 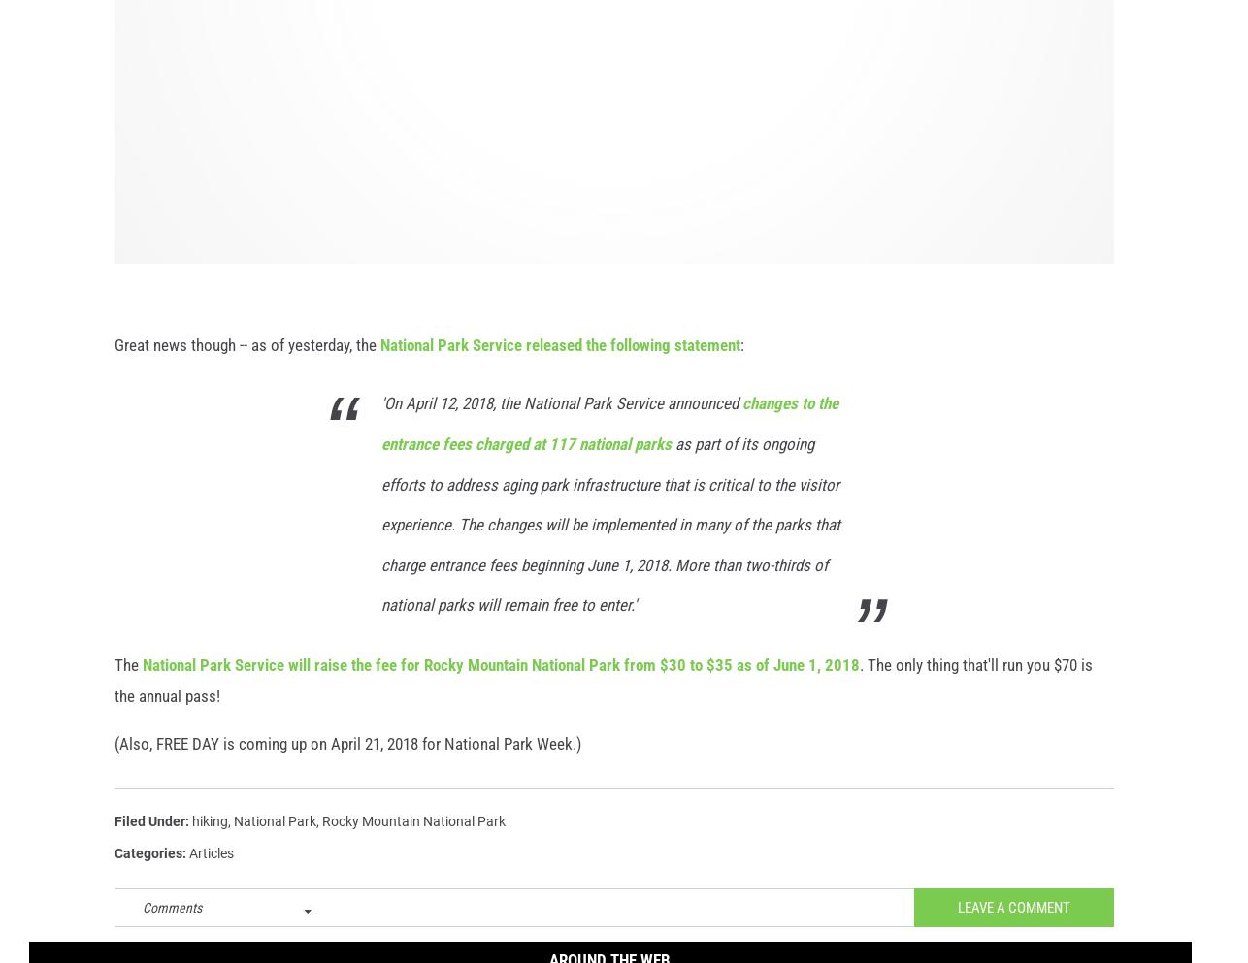 I want to click on 'Filed Under', so click(x=115, y=841).